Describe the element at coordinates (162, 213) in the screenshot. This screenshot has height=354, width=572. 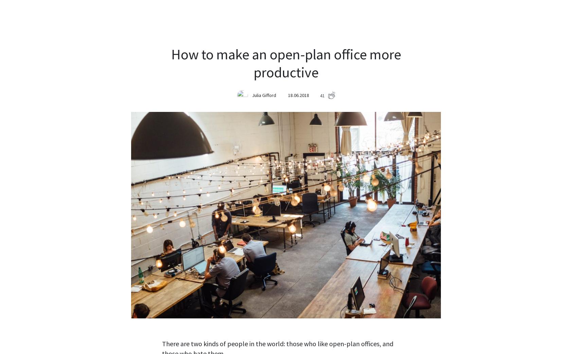
I see `'To mute these distracting daily office conversations, try putting on some neutral background music. Listening to music can help employees stay focused at tasks, instead of paying attention to surrounding conversations.'` at that location.